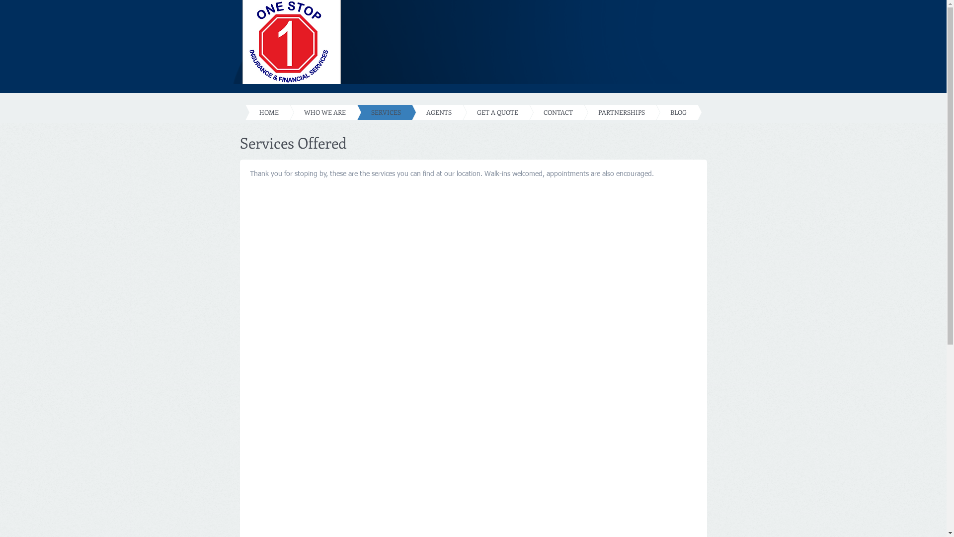  What do you see at coordinates (310, 112) in the screenshot?
I see `'WHO WE ARE'` at bounding box center [310, 112].